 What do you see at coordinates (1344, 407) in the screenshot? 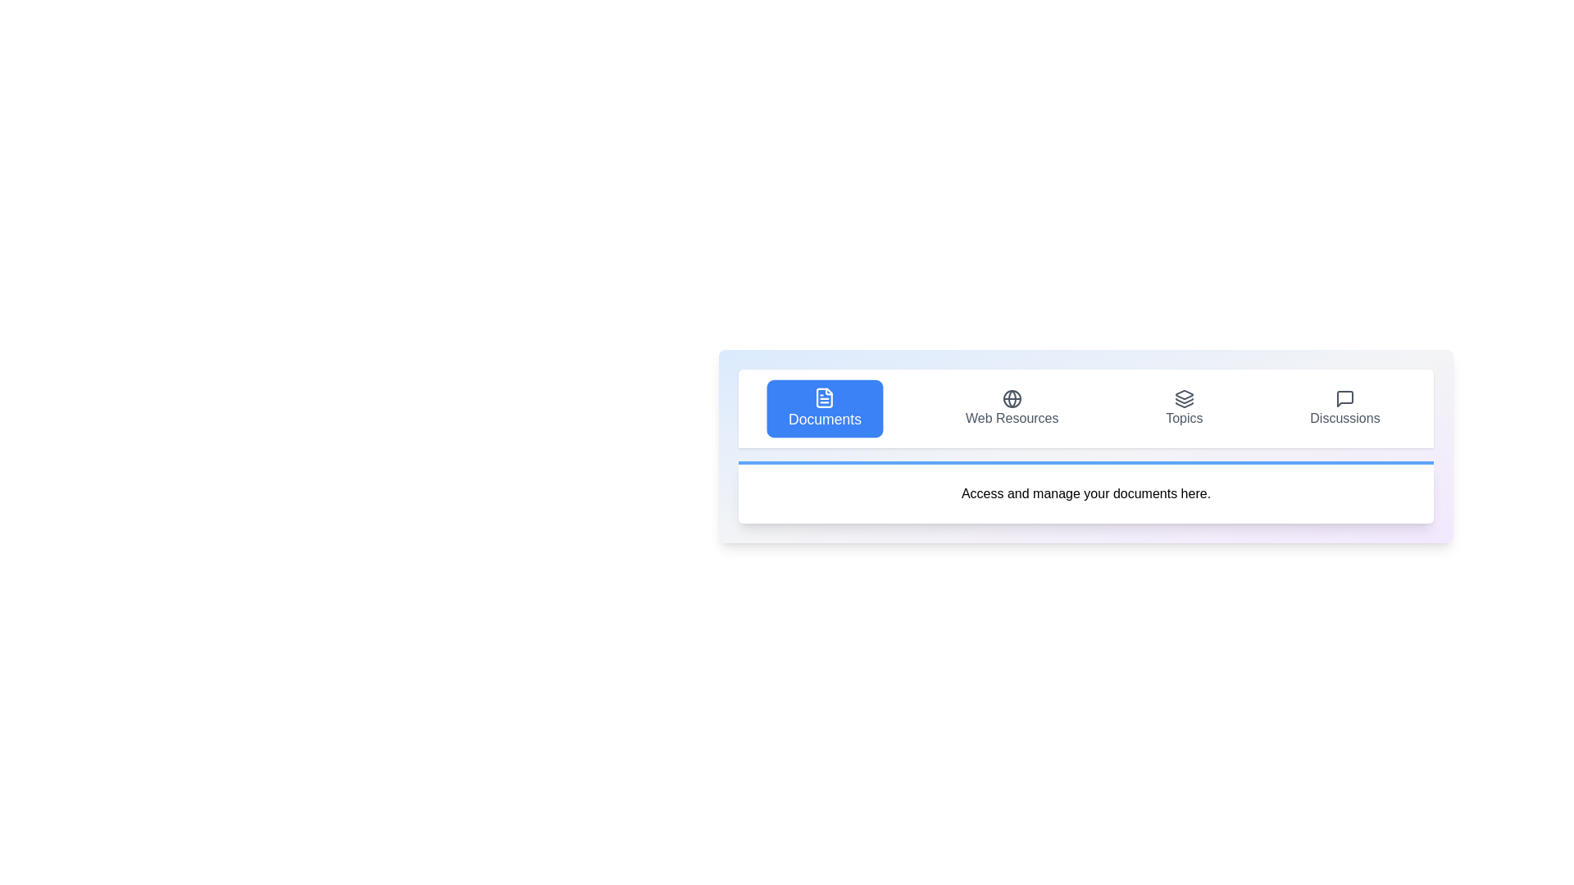
I see `the Discussions tab to switch views` at bounding box center [1344, 407].